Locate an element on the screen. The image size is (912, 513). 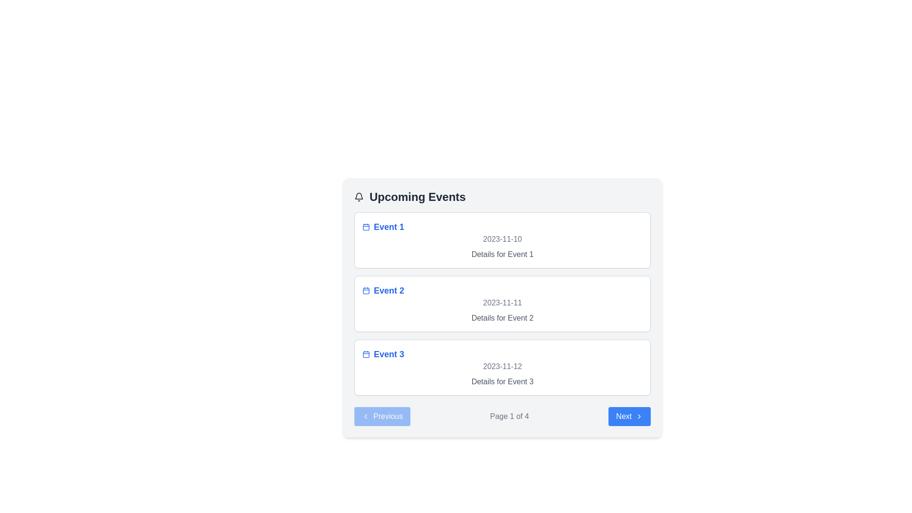
the text label displaying 'Event 3' in bold blue styling is located at coordinates (389, 354).